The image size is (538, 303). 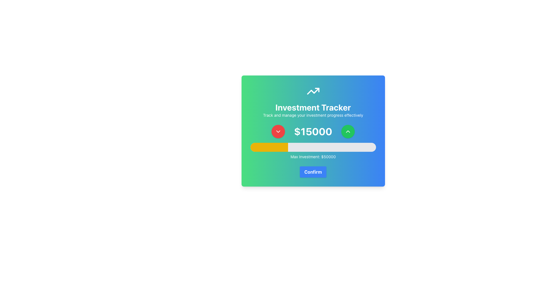 I want to click on the progress indicator within the Investment Tracker module, which visually represents approximately 30% completion of the task, so click(x=269, y=147).